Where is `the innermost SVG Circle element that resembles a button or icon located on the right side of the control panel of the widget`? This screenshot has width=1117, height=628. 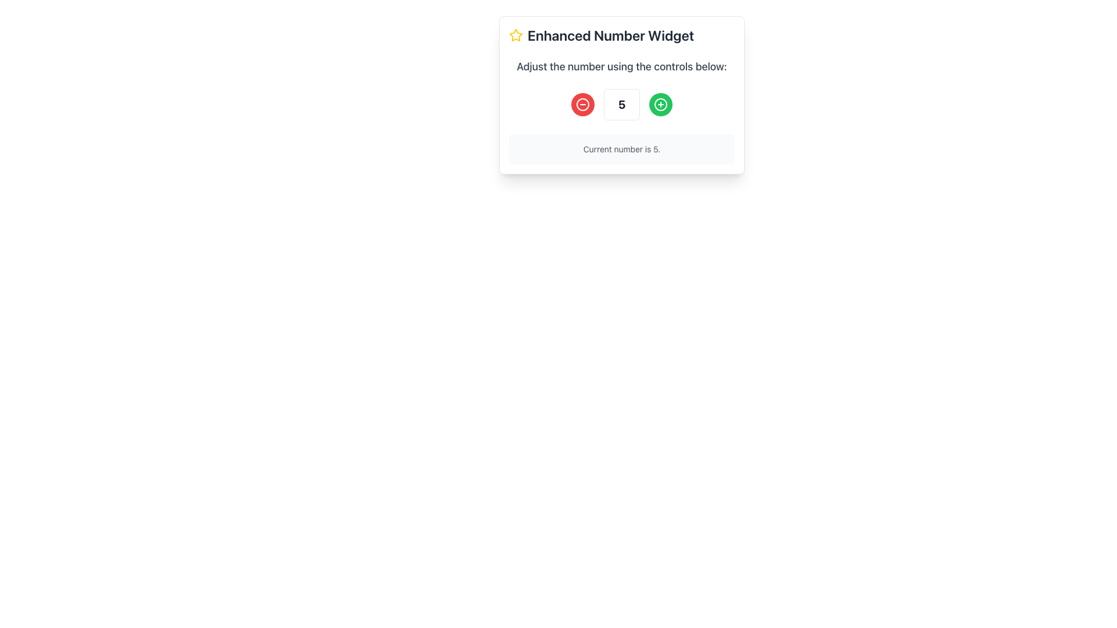
the innermost SVG Circle element that resembles a button or icon located on the right side of the control panel of the widget is located at coordinates (661, 105).